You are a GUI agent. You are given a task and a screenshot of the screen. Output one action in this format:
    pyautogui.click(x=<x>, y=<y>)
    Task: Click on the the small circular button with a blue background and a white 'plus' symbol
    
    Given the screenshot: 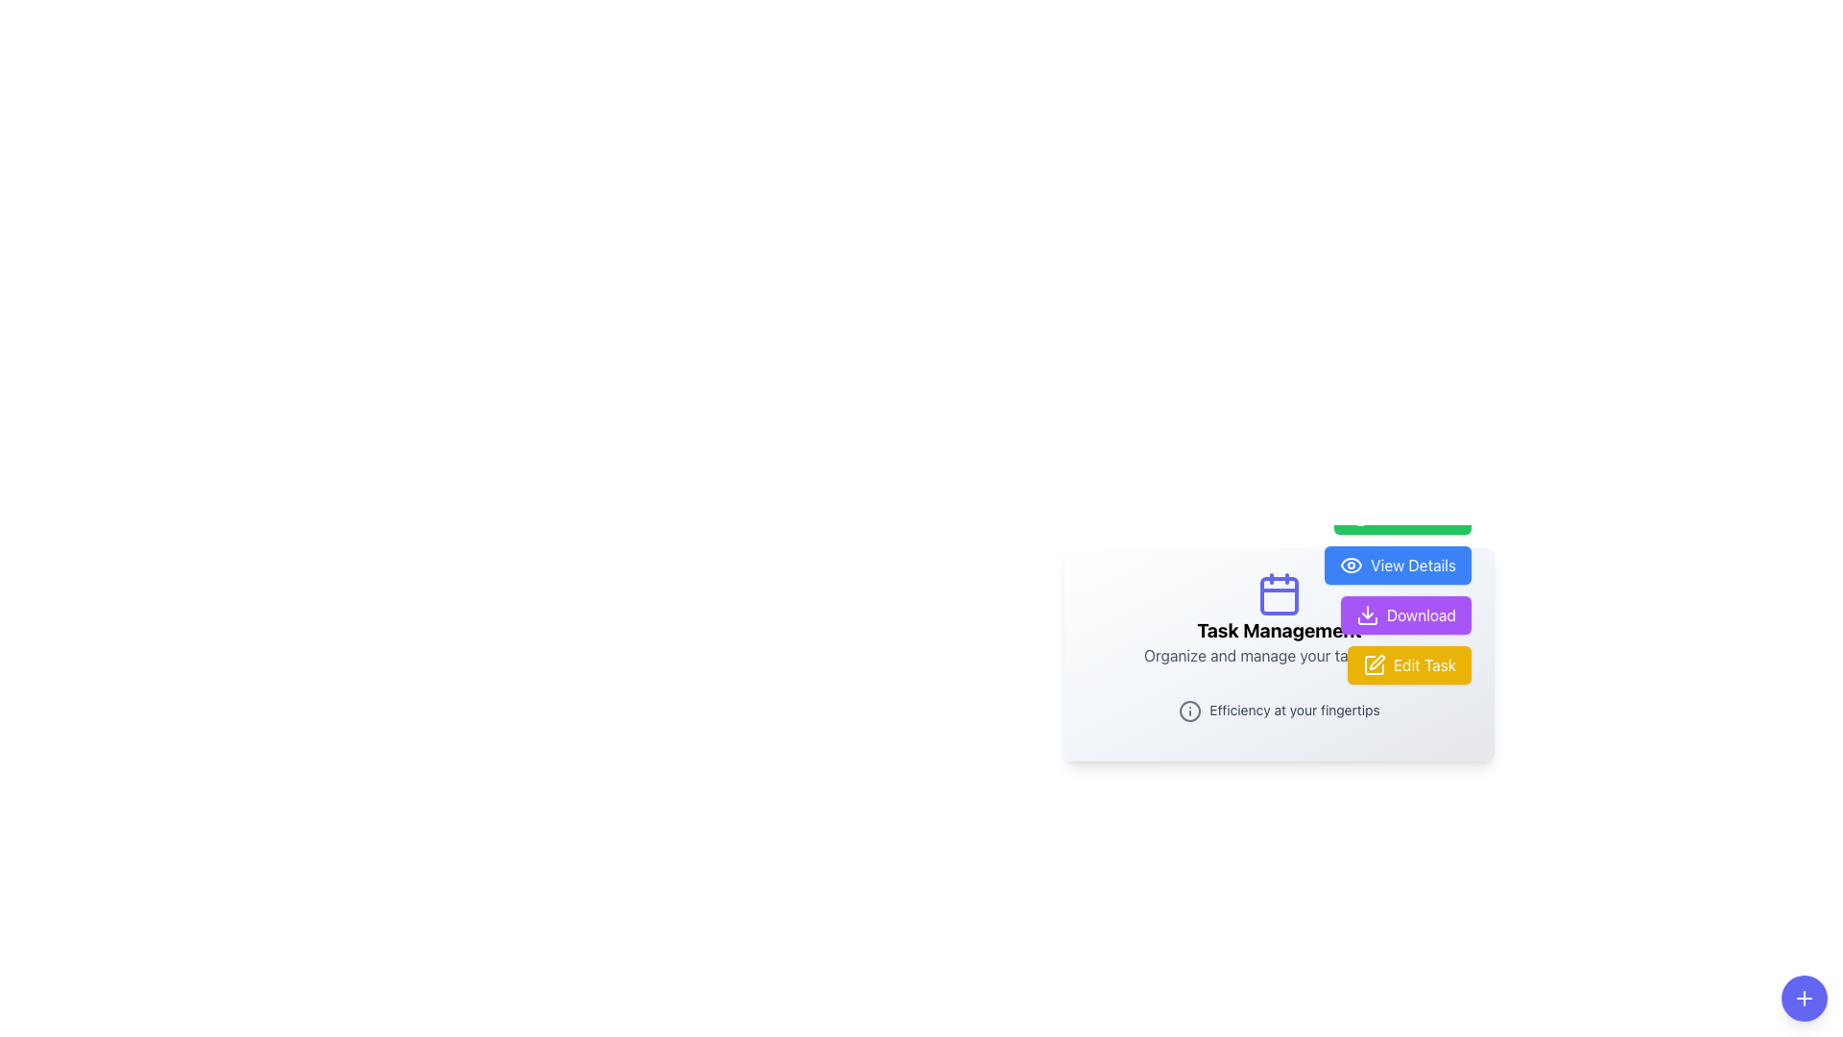 What is the action you would take?
    pyautogui.click(x=1804, y=998)
    